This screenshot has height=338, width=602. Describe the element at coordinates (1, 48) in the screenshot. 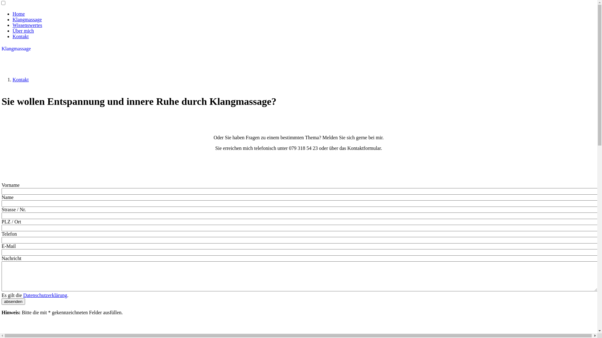

I see `'Klangmassage'` at that location.